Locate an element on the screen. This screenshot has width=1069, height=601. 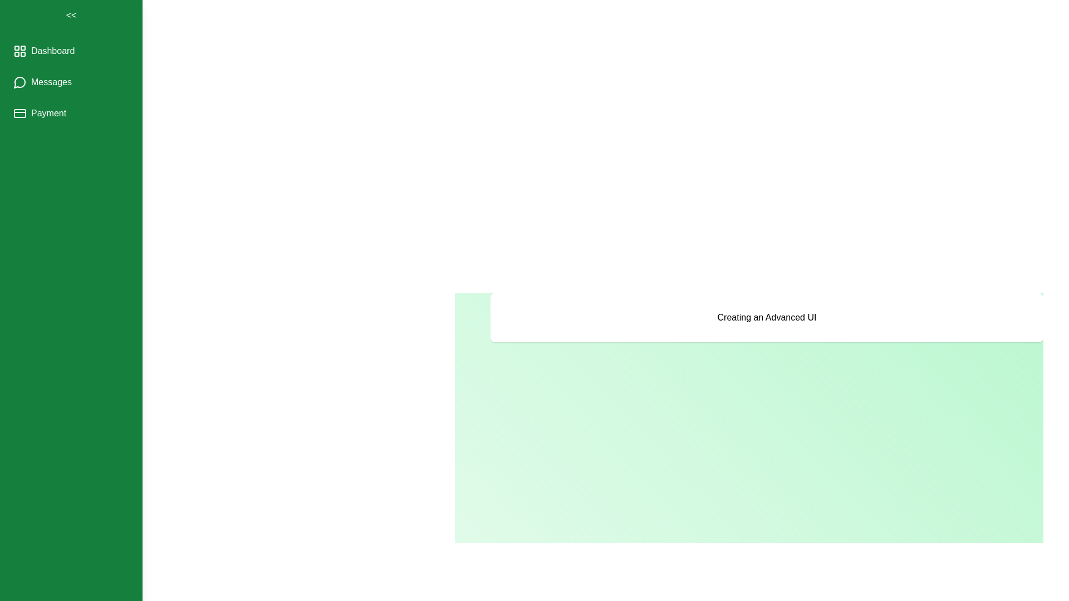
the 'Messages' menu item in the vertical sidebar with a green background is located at coordinates (71, 81).